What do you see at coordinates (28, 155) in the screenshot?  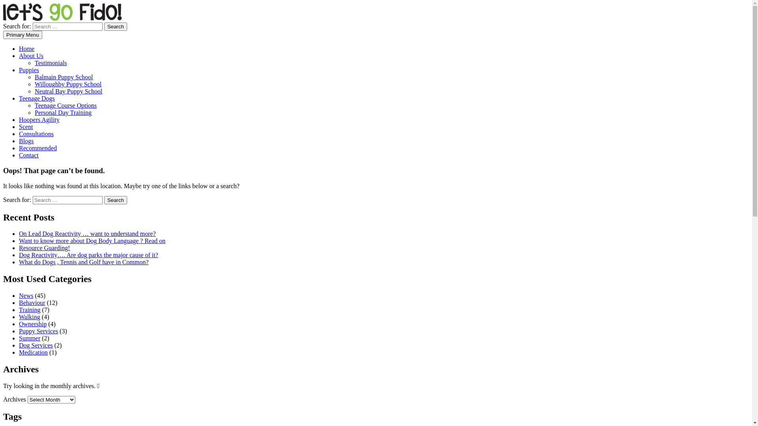 I see `'Contact'` at bounding box center [28, 155].